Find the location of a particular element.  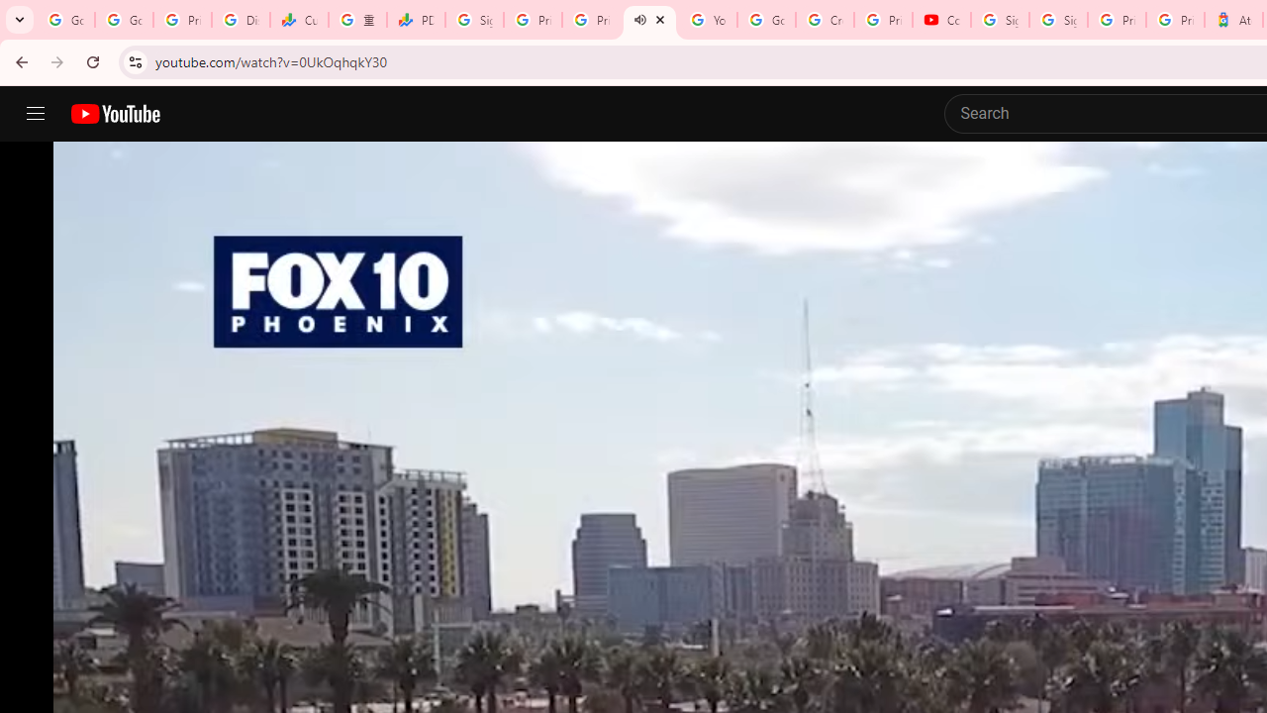

'YouTube Home' is located at coordinates (114, 114).